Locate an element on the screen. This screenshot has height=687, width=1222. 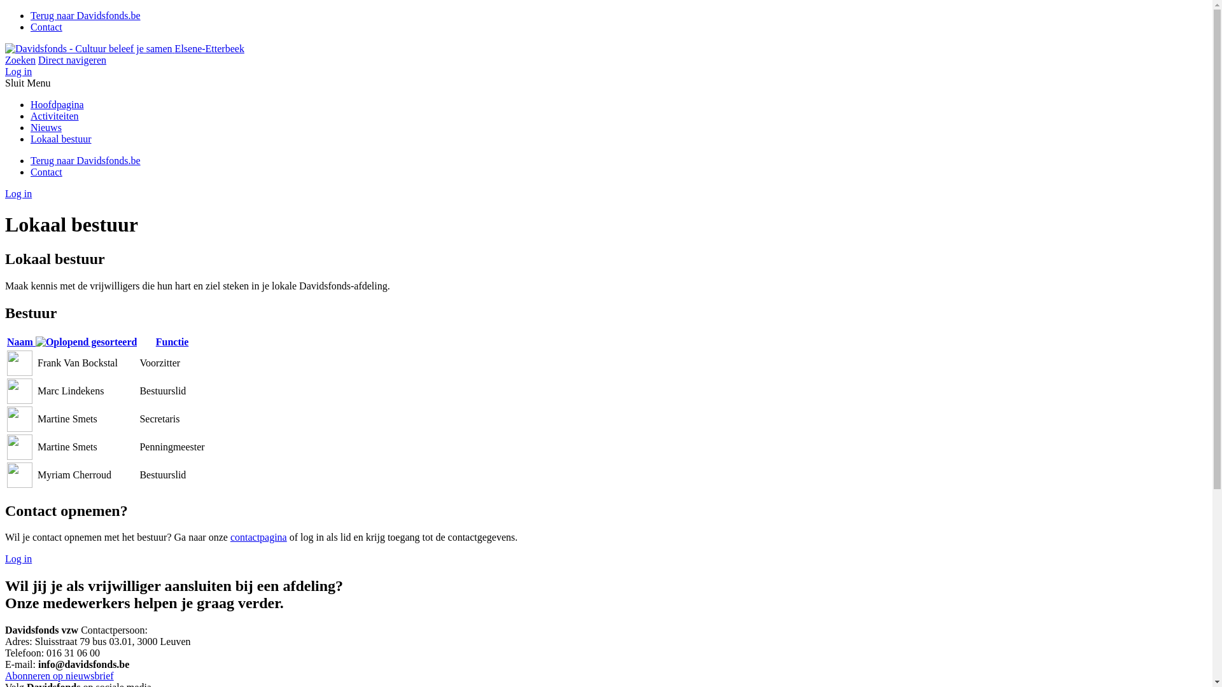
'Elsene-Etterbeek' is located at coordinates (5, 48).